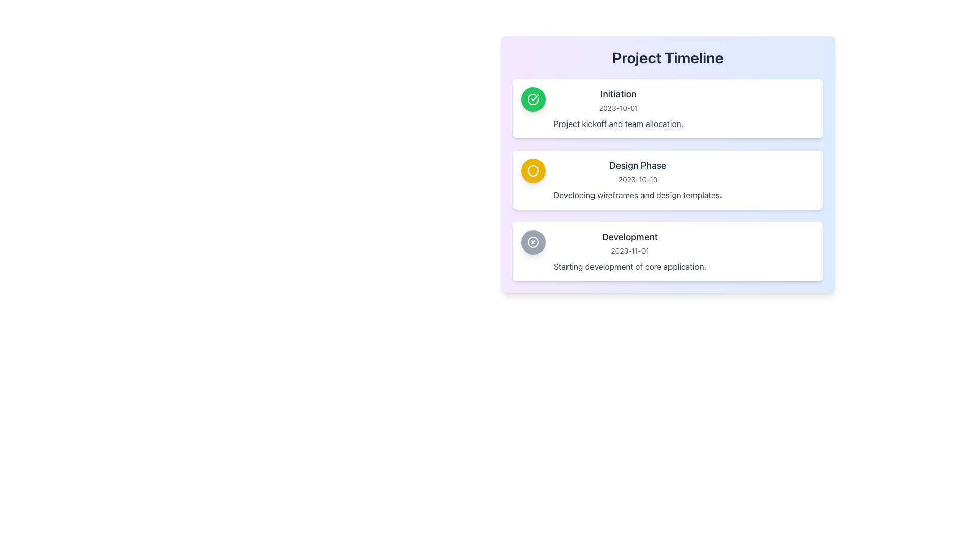 This screenshot has width=979, height=551. I want to click on the status indicator represented by the small circular icon with a gray border and a white cross mark, located at the bottom of the timeline list for the 'Development' phase, so click(533, 242).